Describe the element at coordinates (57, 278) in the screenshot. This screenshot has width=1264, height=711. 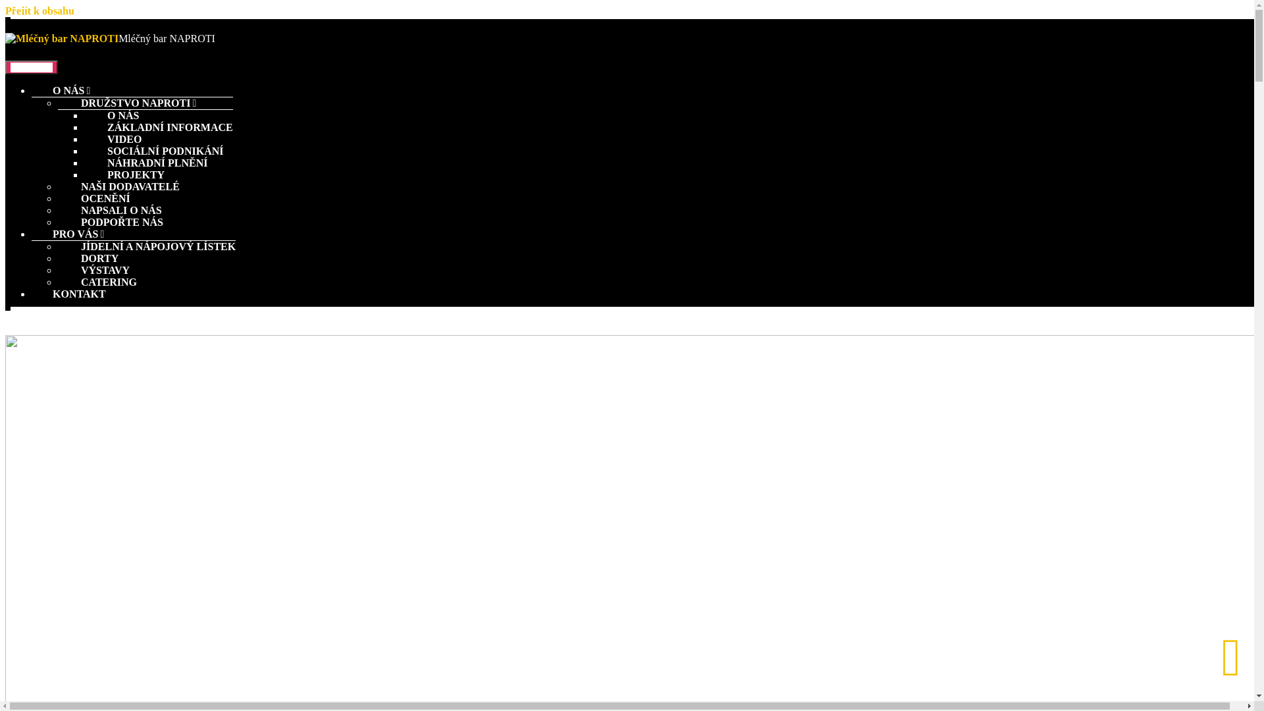
I see `'KONTAKT'` at that location.